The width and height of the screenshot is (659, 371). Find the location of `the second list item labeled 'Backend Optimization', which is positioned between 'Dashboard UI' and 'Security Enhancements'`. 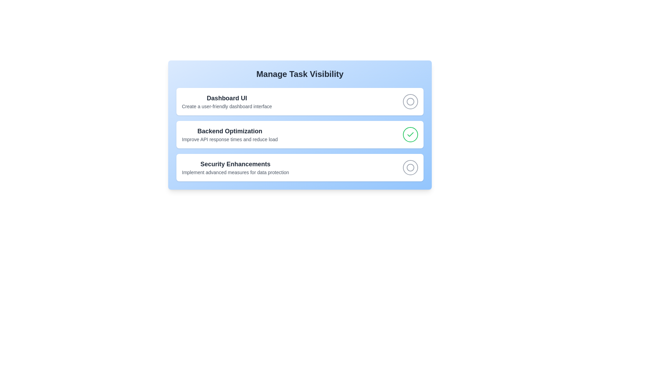

the second list item labeled 'Backend Optimization', which is positioned between 'Dashboard UI' and 'Security Enhancements' is located at coordinates (300, 135).